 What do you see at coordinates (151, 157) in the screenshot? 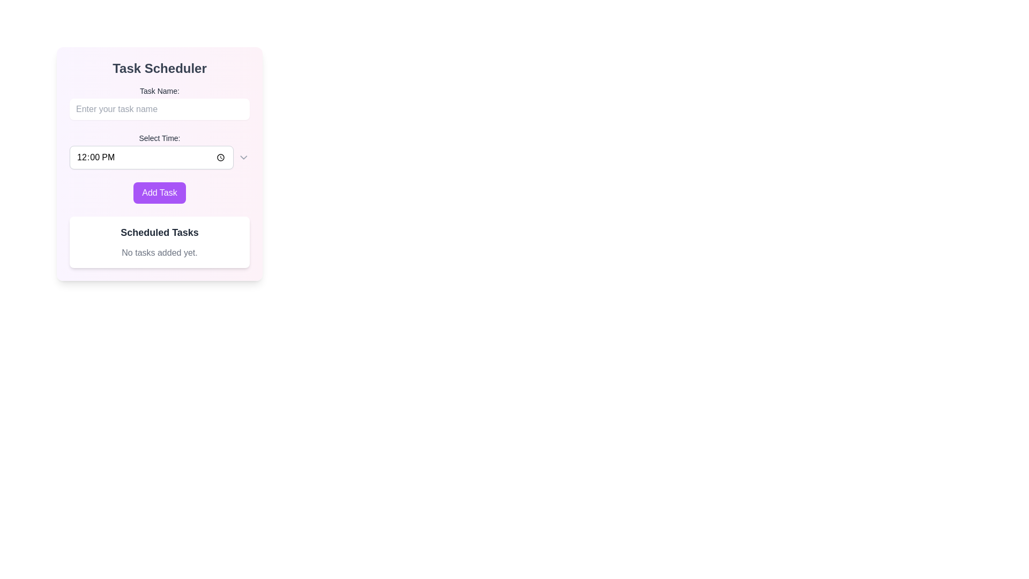
I see `the time input field in the 'Task Scheduler' form` at bounding box center [151, 157].